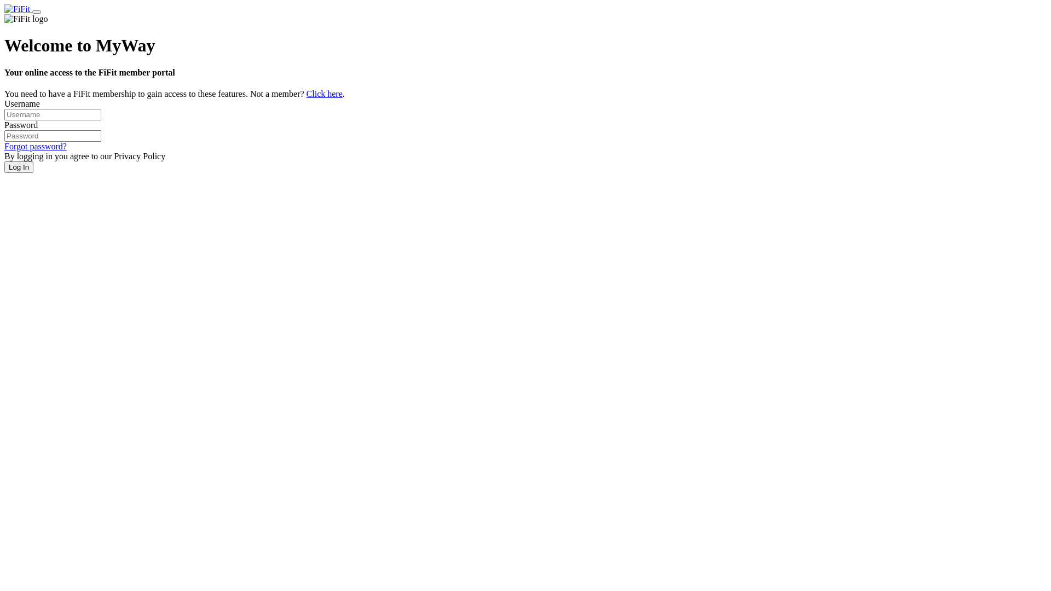  What do you see at coordinates (19, 167) in the screenshot?
I see `'Log In'` at bounding box center [19, 167].